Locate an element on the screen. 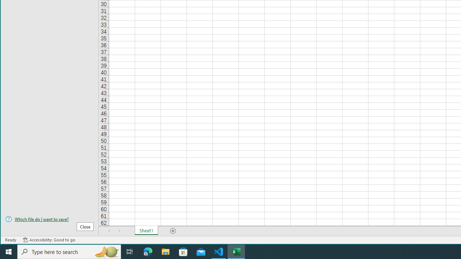  'Type here to search' is located at coordinates (69, 251).